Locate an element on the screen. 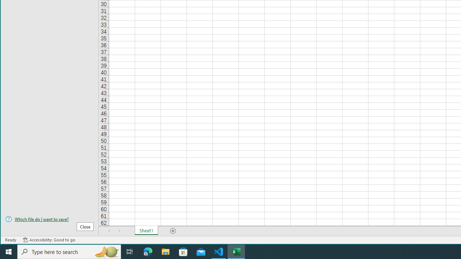  'Type here to search' is located at coordinates (69, 251).